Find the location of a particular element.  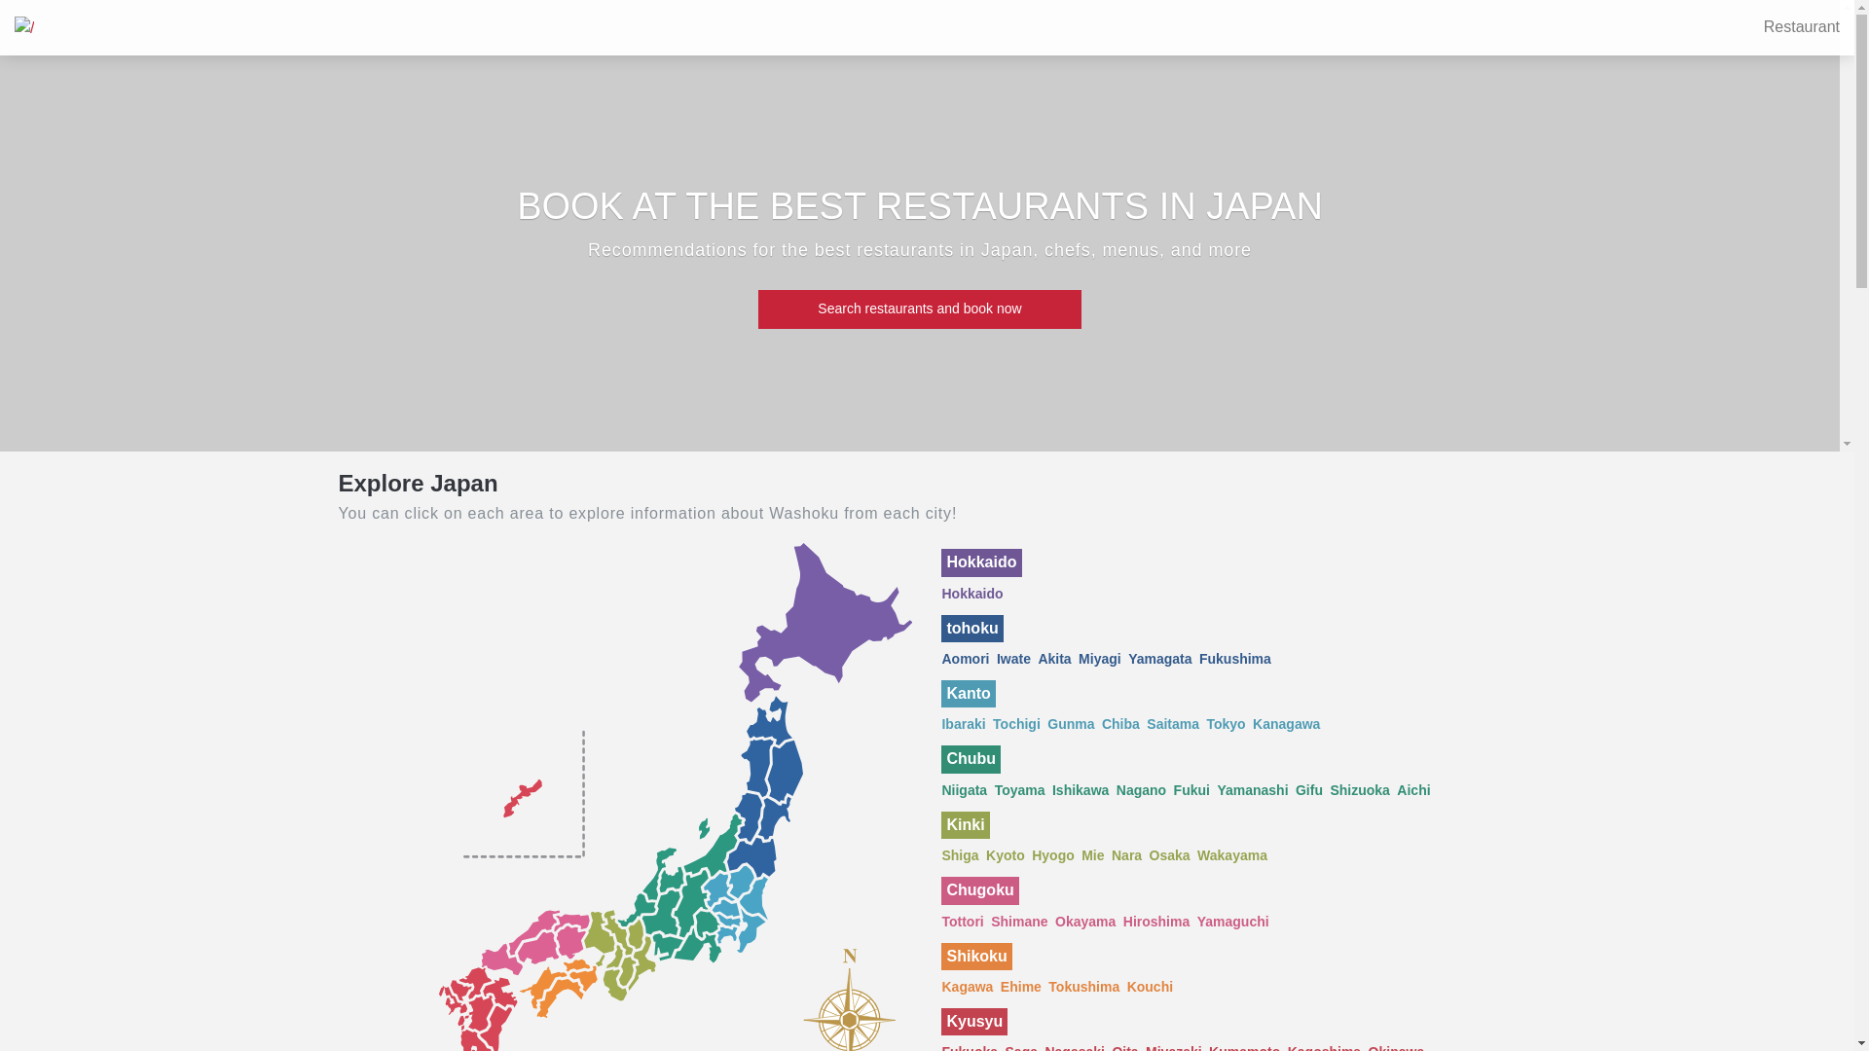

'Wakayama' is located at coordinates (1231, 854).